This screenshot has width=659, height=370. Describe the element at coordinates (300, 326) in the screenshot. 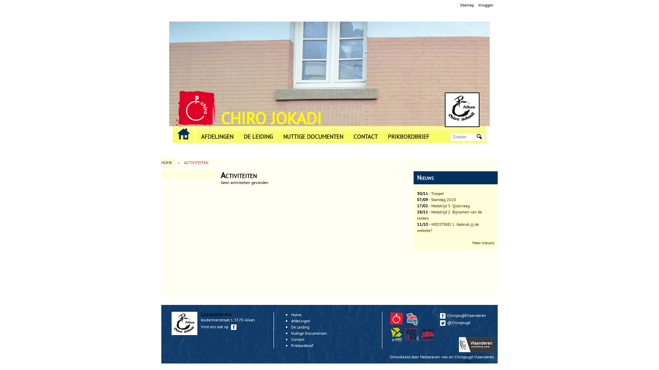

I see `'De Leiding'` at that location.